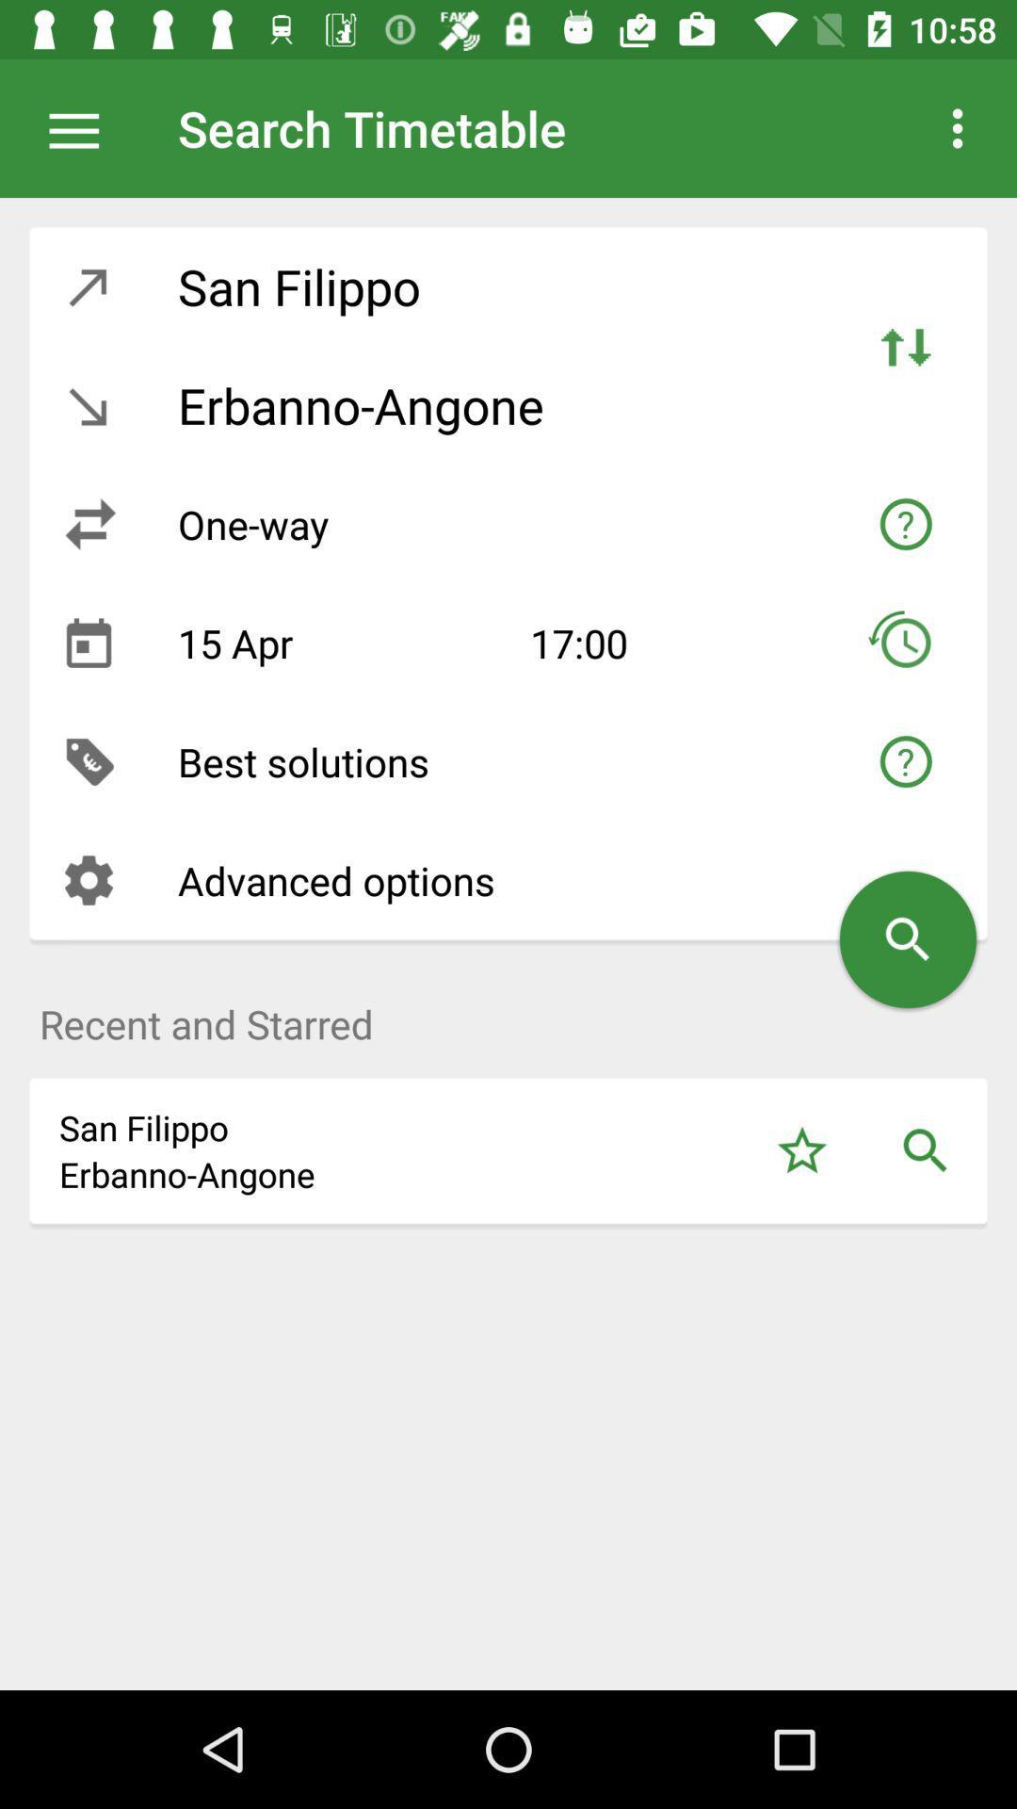 The image size is (1017, 1809). What do you see at coordinates (89, 285) in the screenshot?
I see `the icon to the left of san filippo icon` at bounding box center [89, 285].